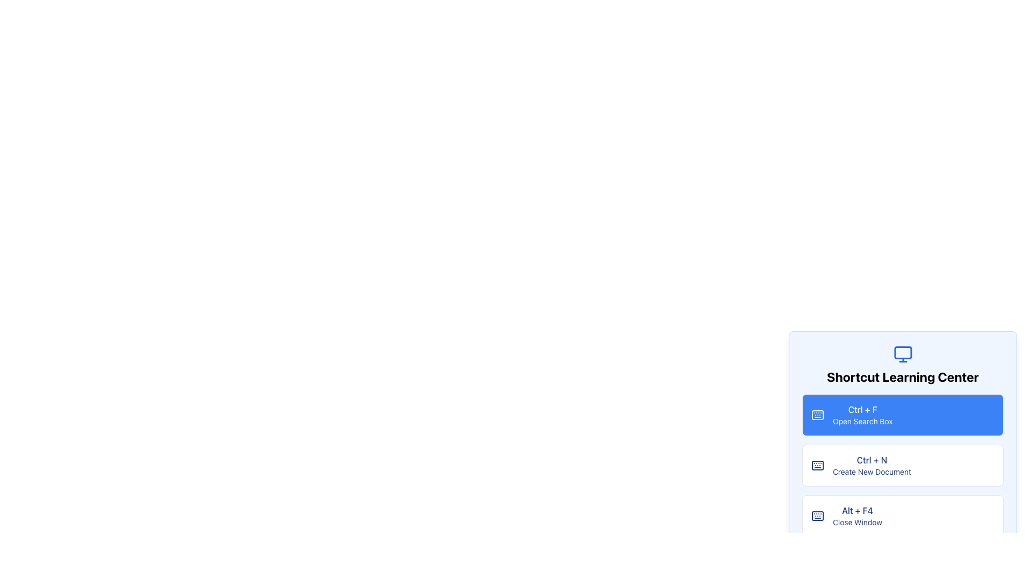 The image size is (1031, 580). Describe the element at coordinates (862, 414) in the screenshot. I see `the text label displaying the keyboard shortcut 'Ctrl + F' and its action 'Open Search Box', which is located at the top of the list in the 'Shortcut Learning Center' module` at that location.